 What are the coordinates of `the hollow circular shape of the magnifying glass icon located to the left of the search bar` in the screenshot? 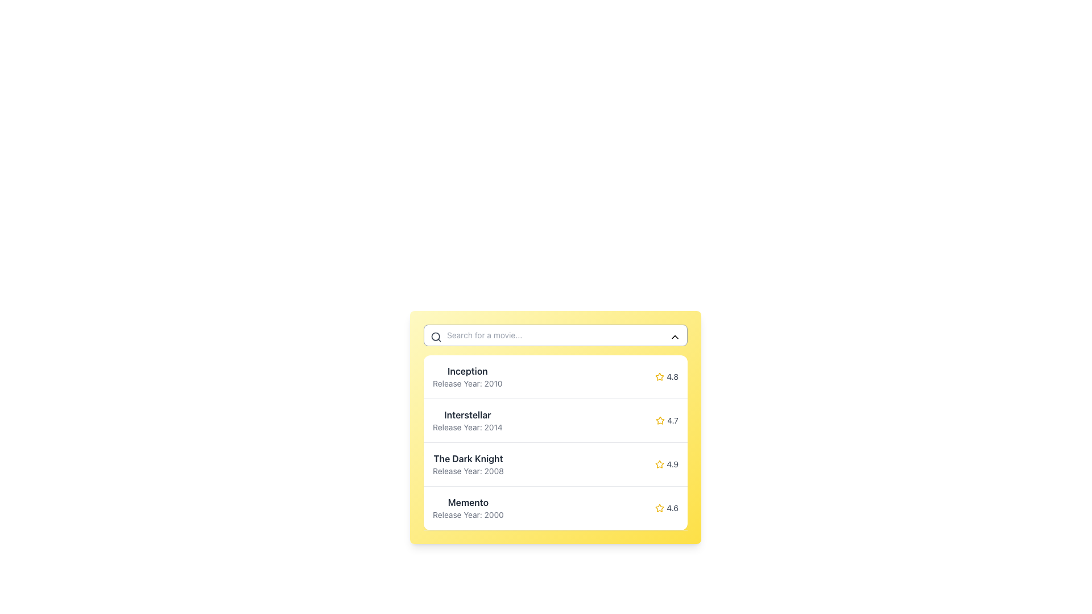 It's located at (435, 336).